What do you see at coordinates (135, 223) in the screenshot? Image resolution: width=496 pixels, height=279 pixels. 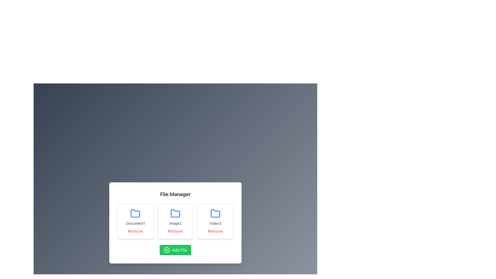 I see `the text label 'Document1' which is styled in gray color and located beneath the blue folder icon in the file manager interface` at bounding box center [135, 223].